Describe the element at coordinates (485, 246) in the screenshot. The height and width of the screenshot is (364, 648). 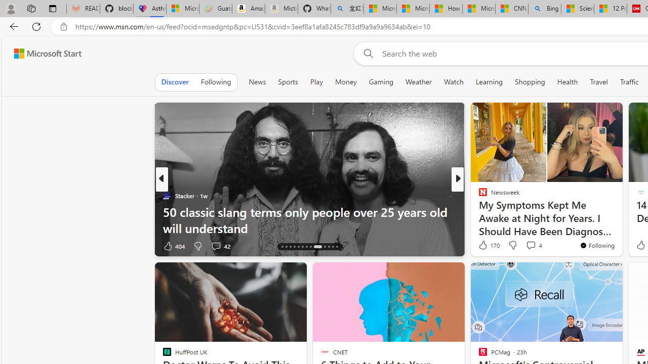
I see `'636 Like'` at that location.